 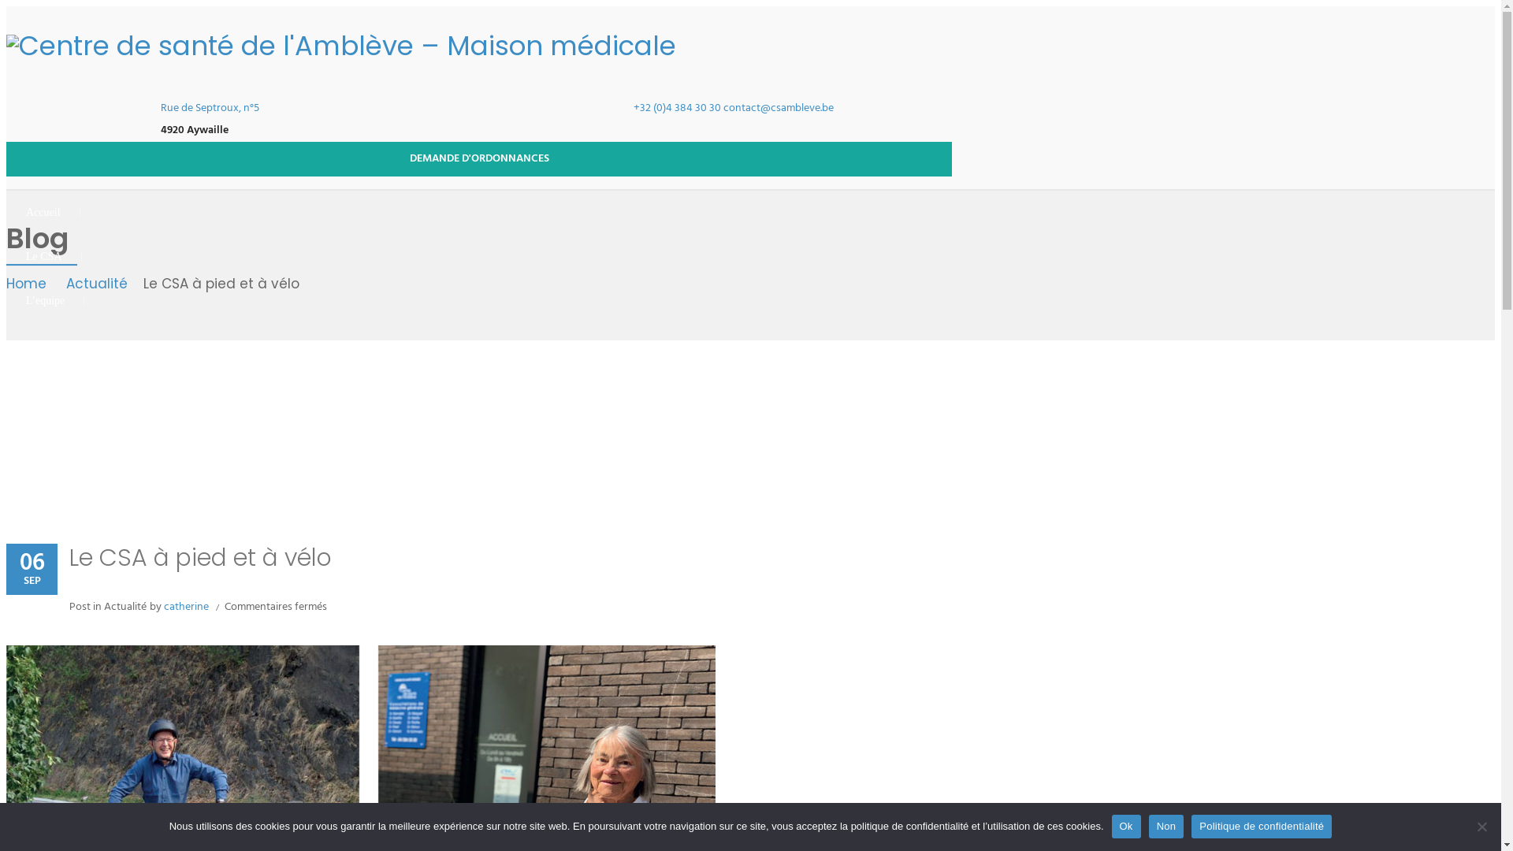 I want to click on 'contact@csambleve.be', so click(x=779, y=107).